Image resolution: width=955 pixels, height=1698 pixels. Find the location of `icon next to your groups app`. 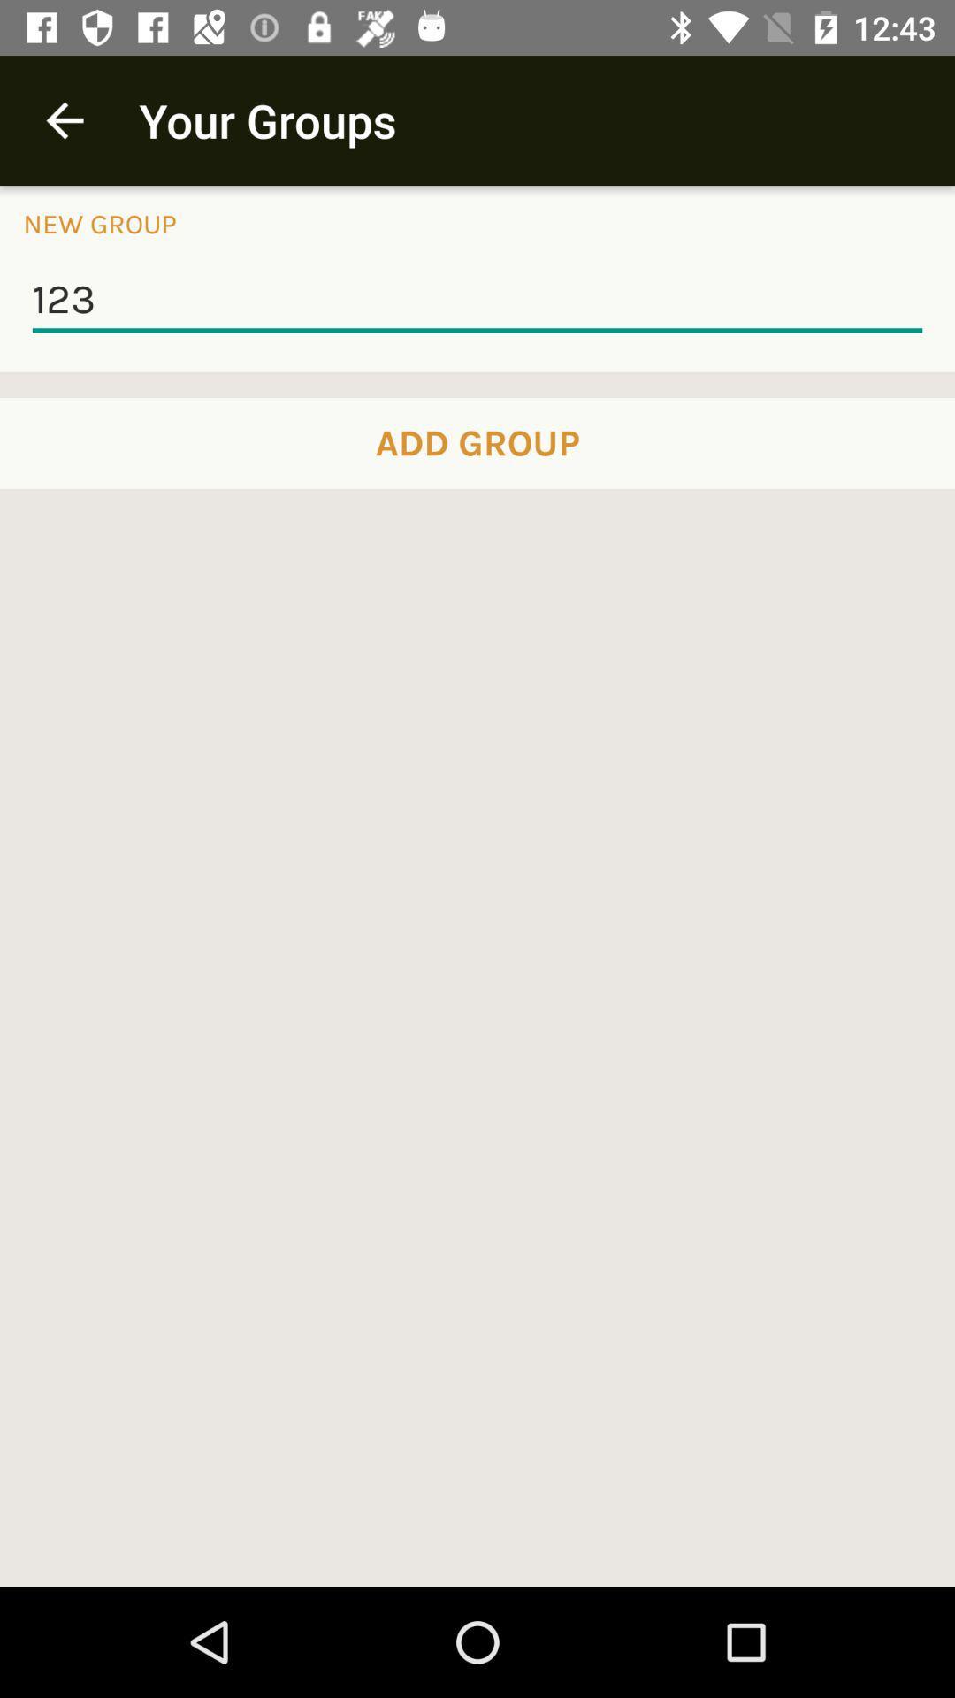

icon next to your groups app is located at coordinates (64, 119).